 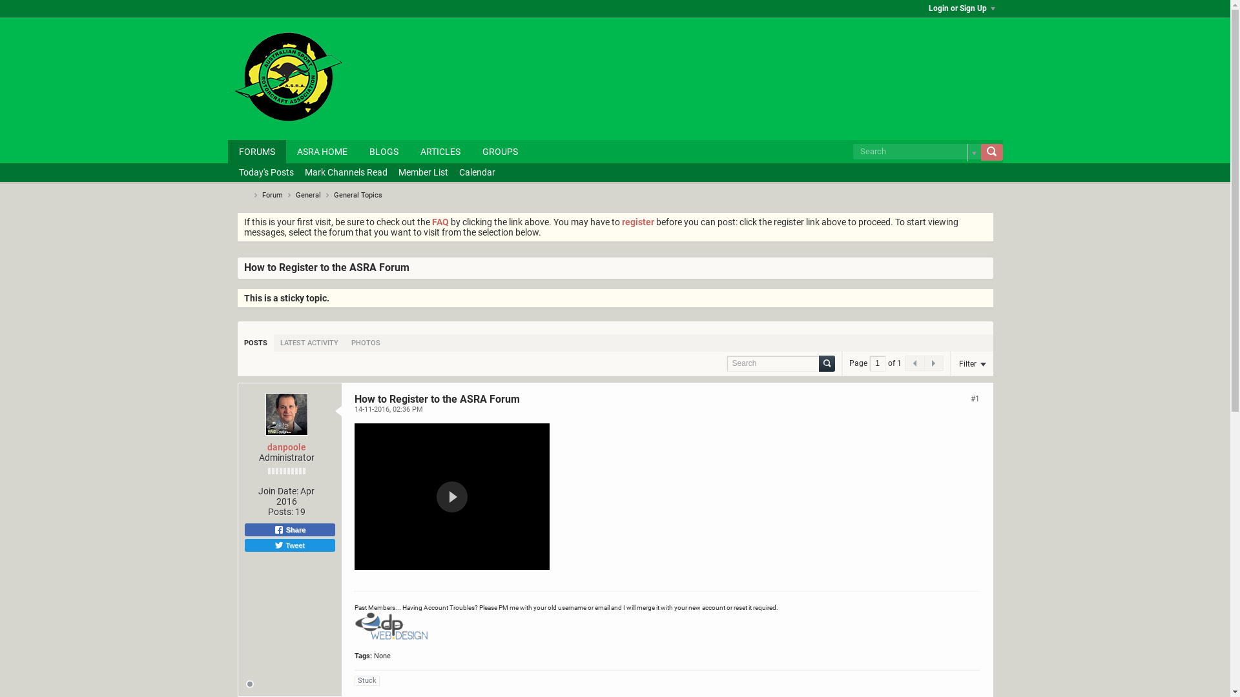 What do you see at coordinates (256, 151) in the screenshot?
I see `'FORUMS'` at bounding box center [256, 151].